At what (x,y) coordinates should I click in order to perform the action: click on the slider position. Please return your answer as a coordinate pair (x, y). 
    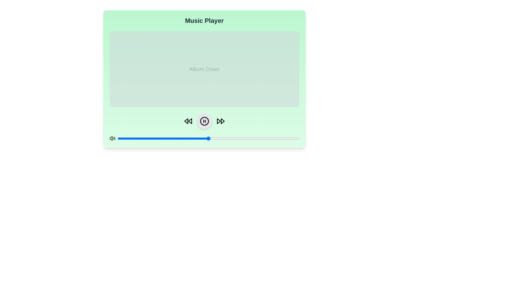
    Looking at the image, I should click on (237, 138).